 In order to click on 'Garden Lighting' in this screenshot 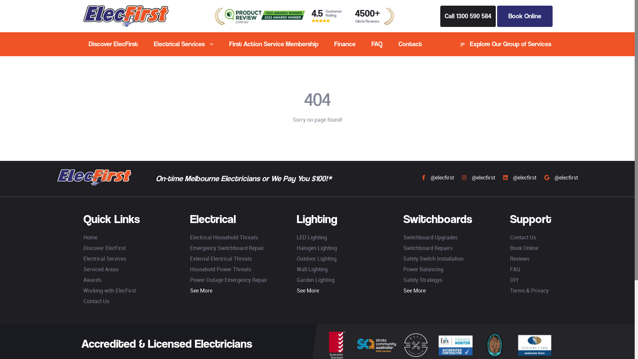, I will do `click(315, 280)`.